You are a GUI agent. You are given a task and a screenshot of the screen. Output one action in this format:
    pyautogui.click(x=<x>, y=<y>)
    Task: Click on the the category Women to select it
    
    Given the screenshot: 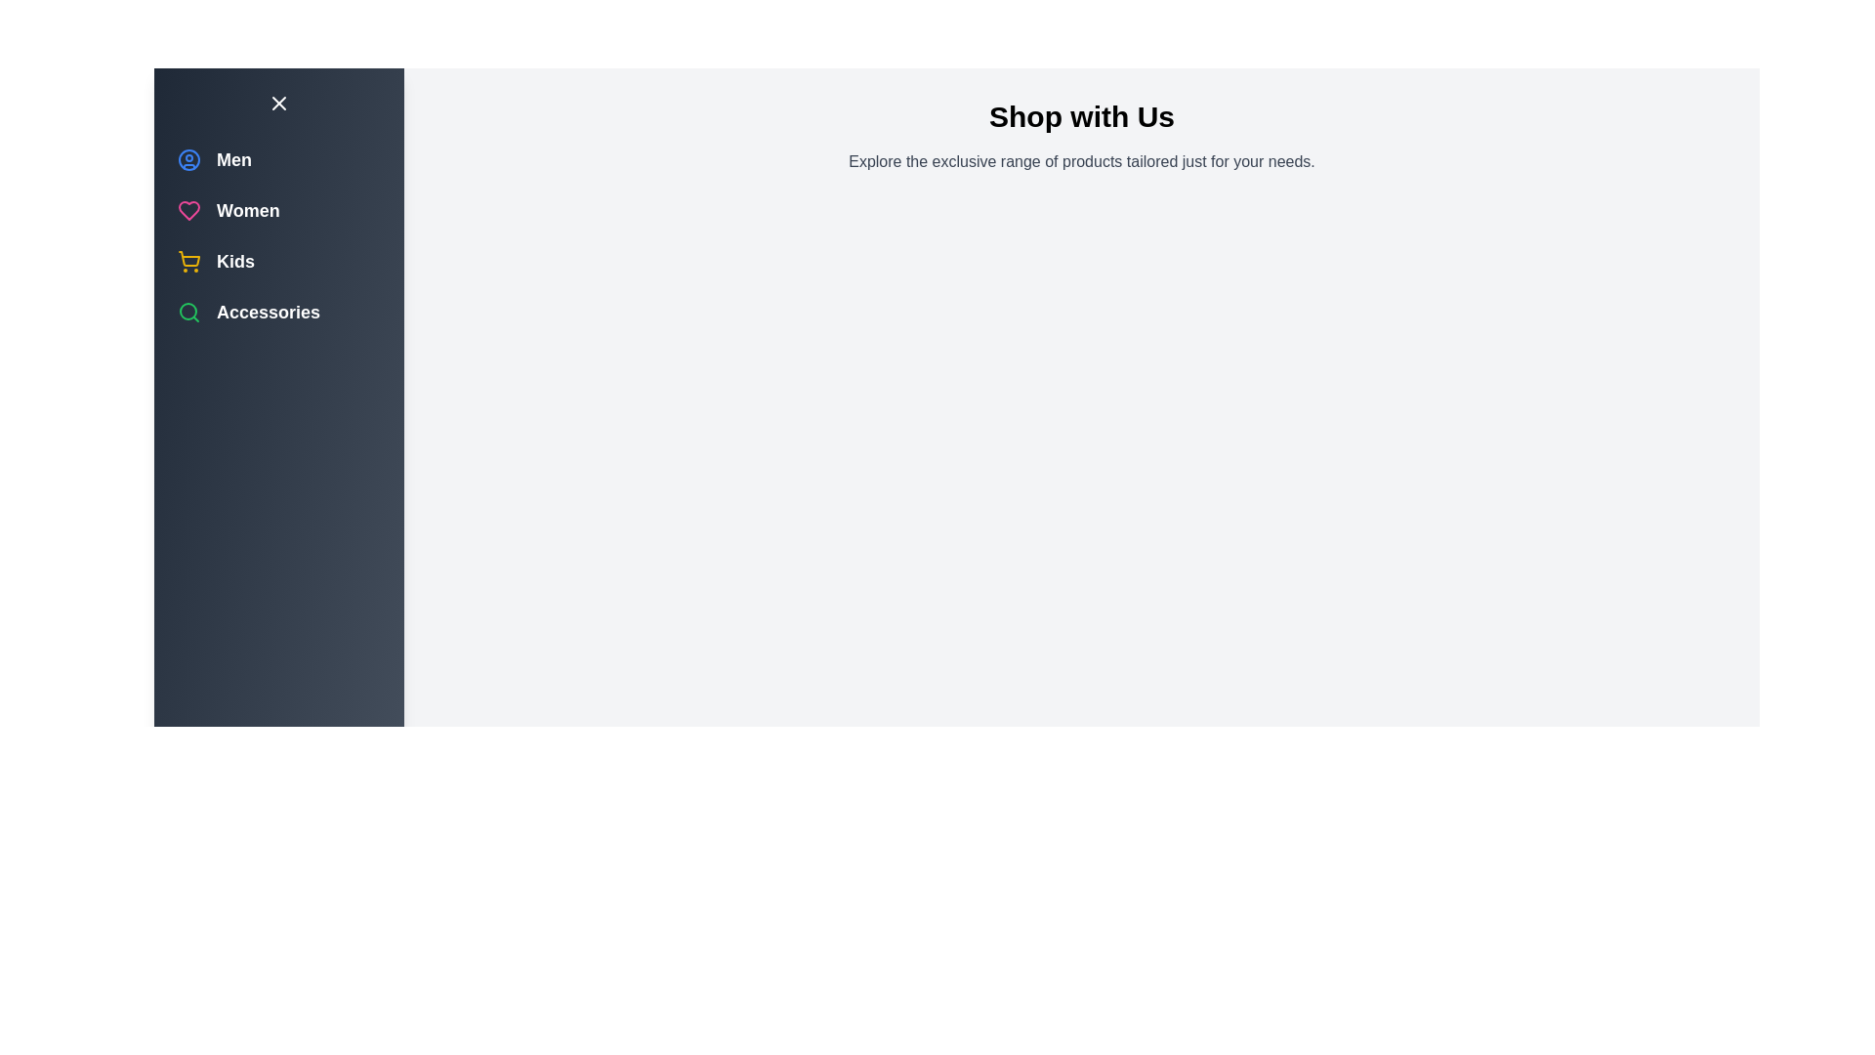 What is the action you would take?
    pyautogui.click(x=188, y=211)
    